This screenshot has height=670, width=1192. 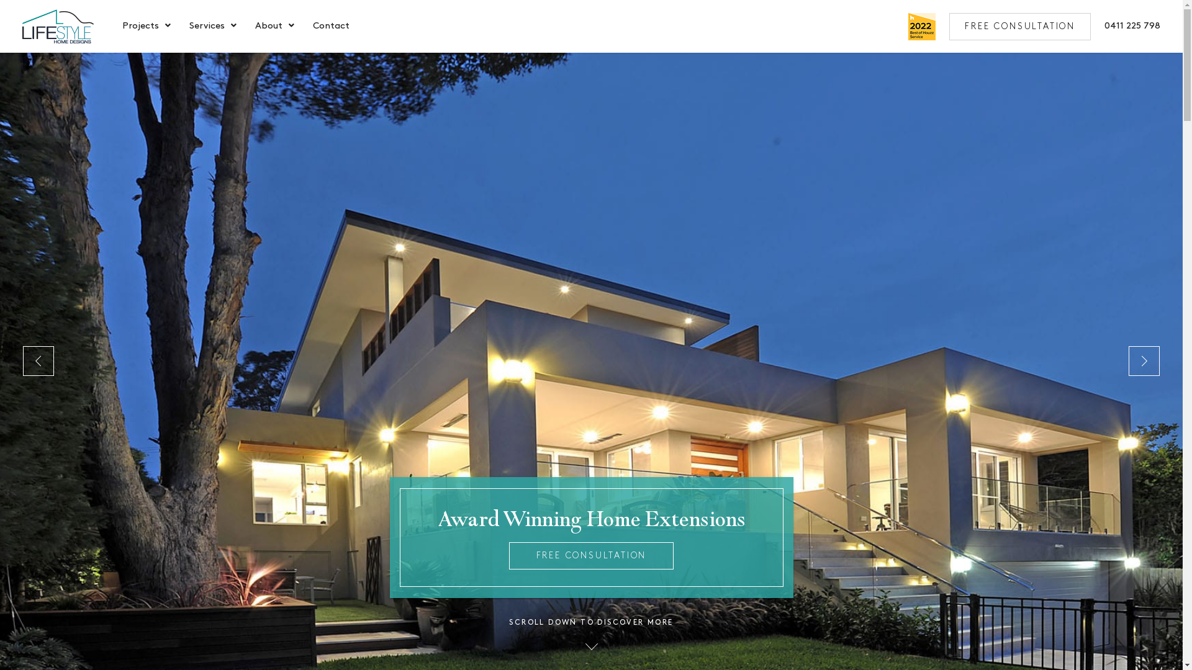 I want to click on 'Next Slide', so click(x=1144, y=361).